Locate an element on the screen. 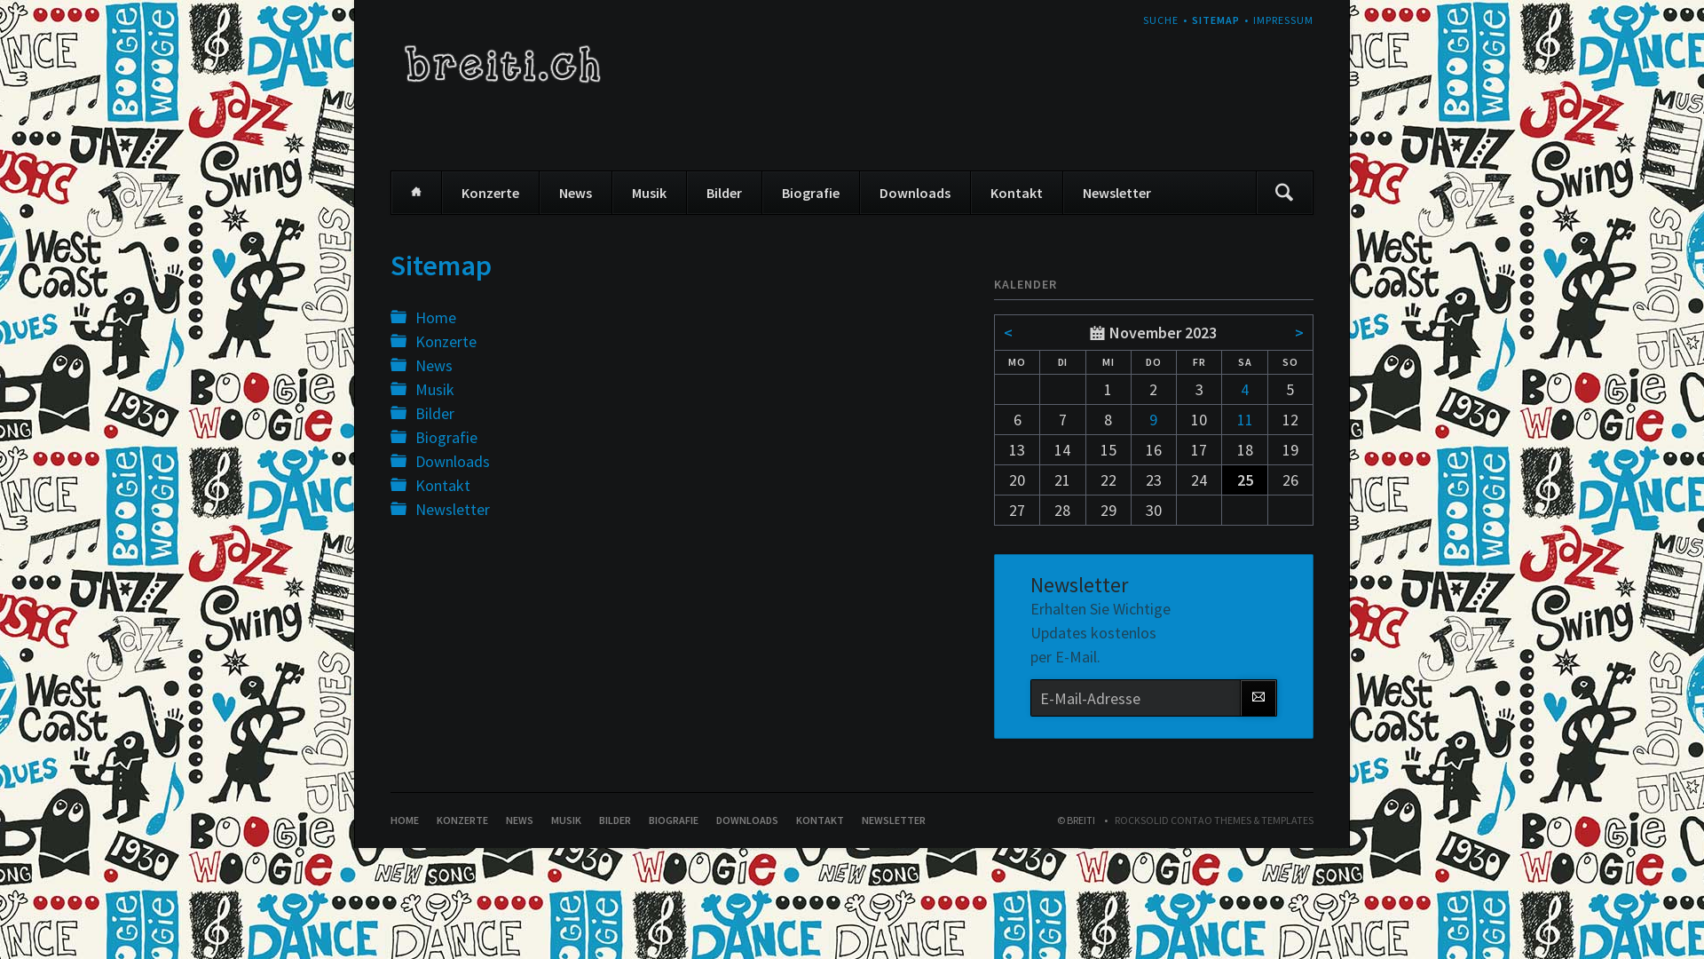 The height and width of the screenshot is (959, 1704). '<' is located at coordinates (1008, 332).